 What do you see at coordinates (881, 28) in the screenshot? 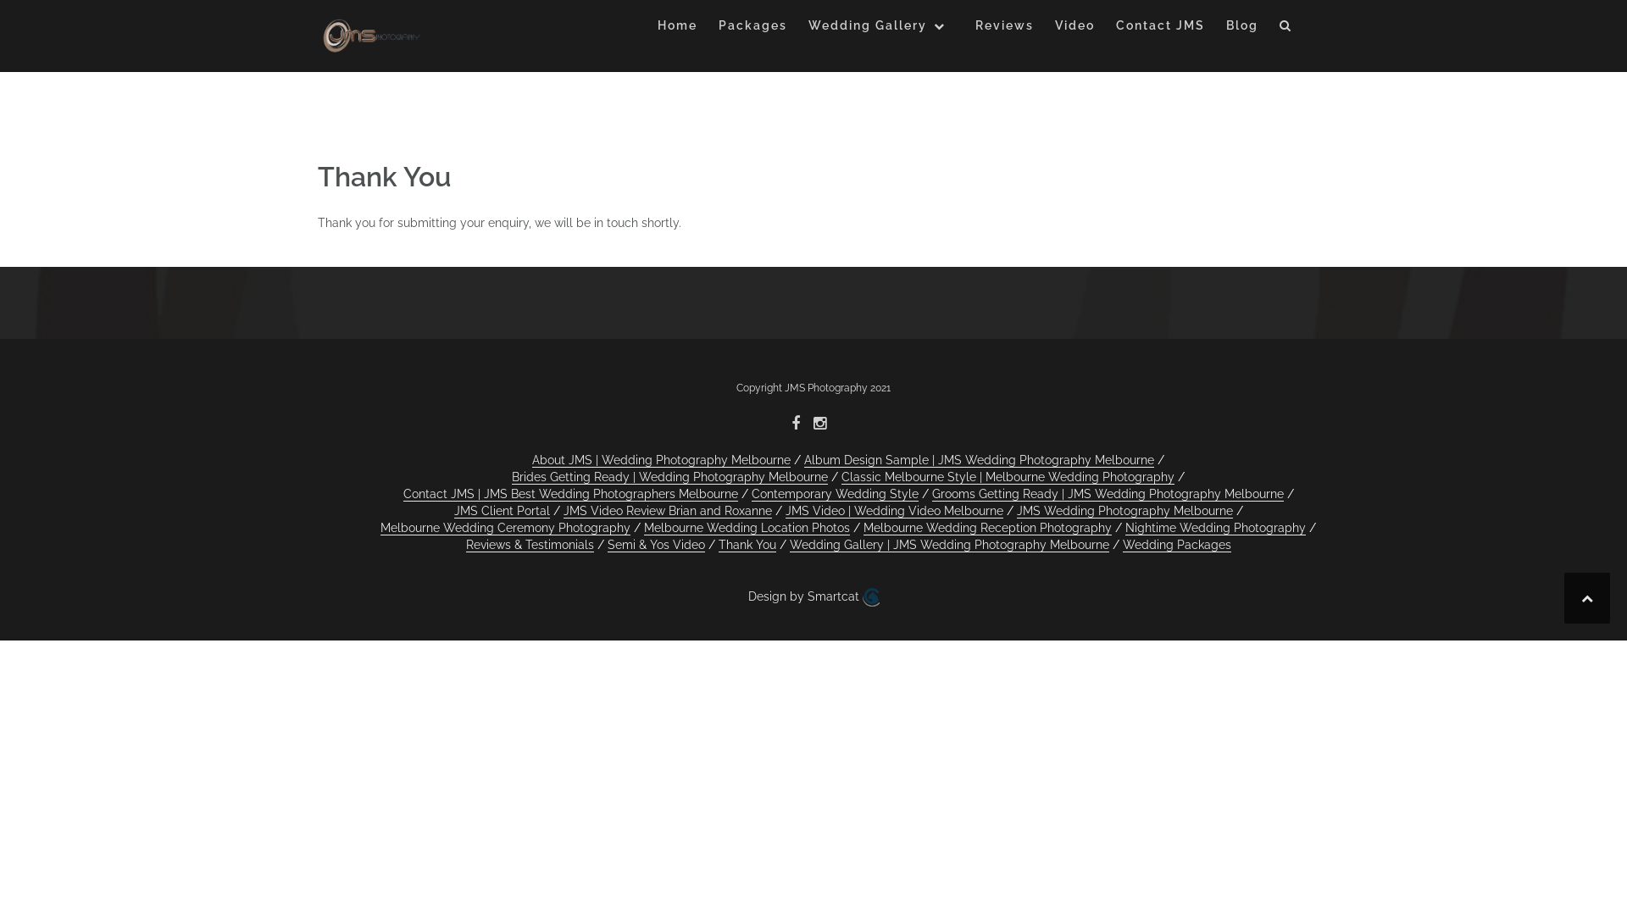
I see `'Wedding Gallery'` at bounding box center [881, 28].